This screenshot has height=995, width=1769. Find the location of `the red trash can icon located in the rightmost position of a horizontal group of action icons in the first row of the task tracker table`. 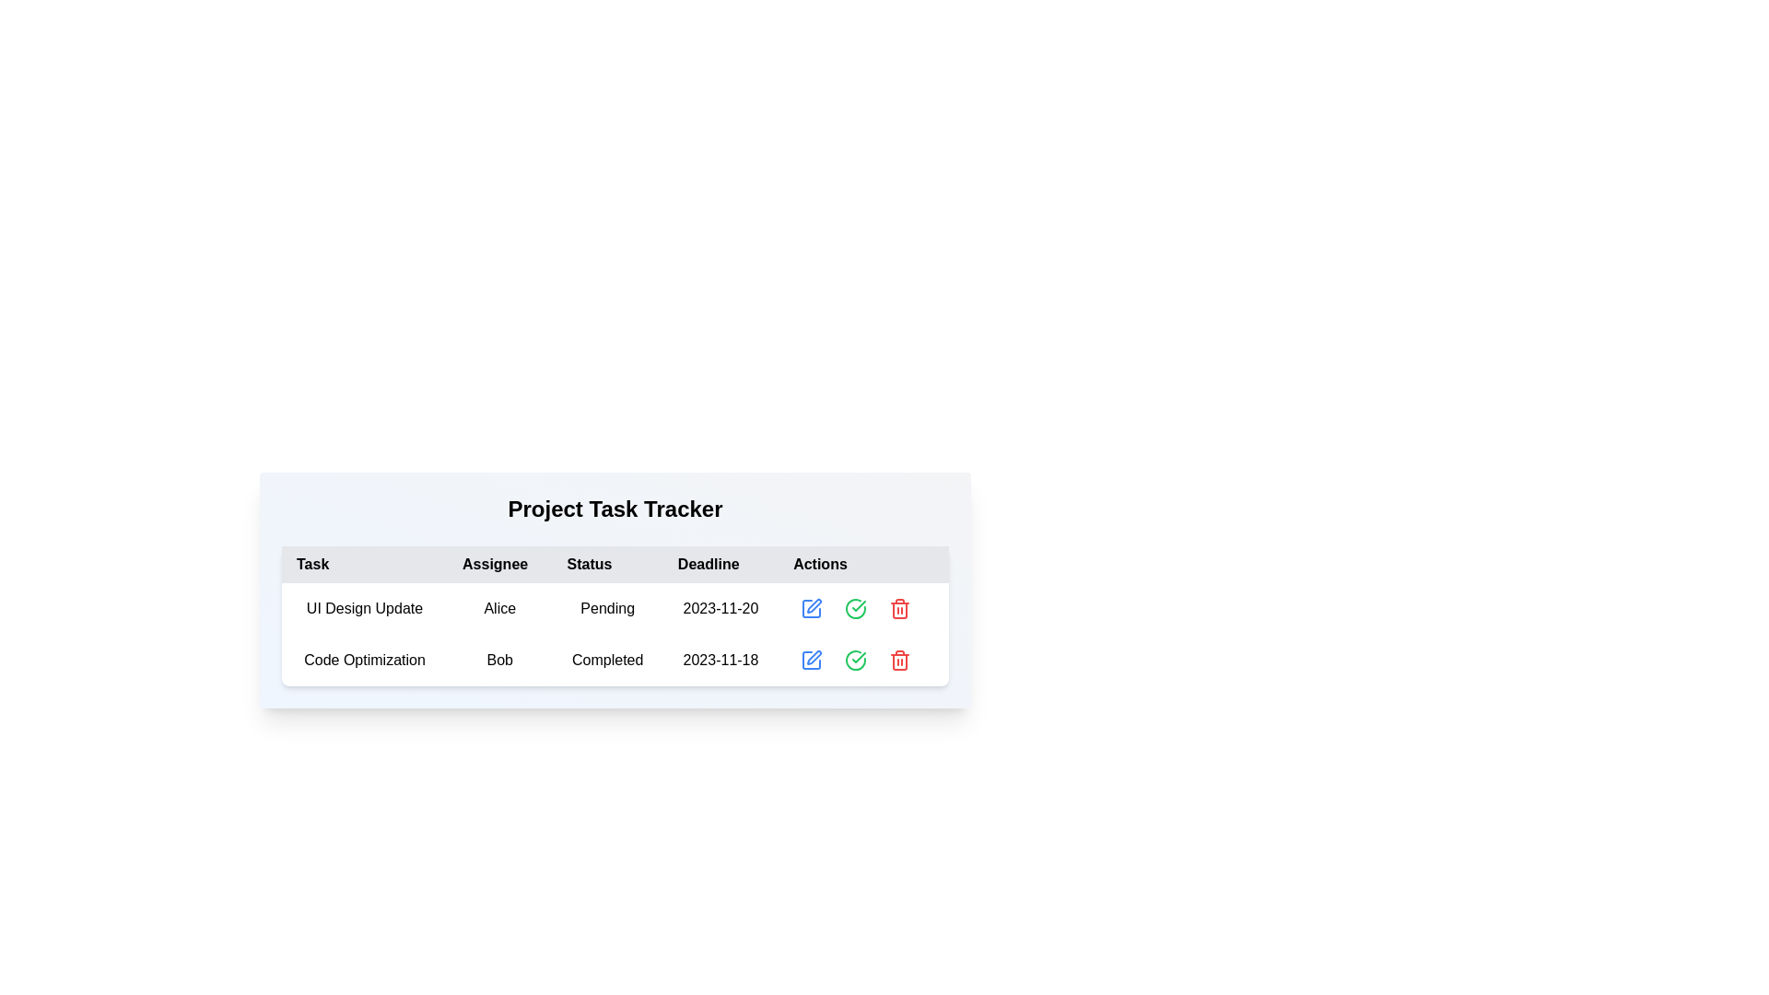

the red trash can icon located in the rightmost position of a horizontal group of action icons in the first row of the task tracker table is located at coordinates (900, 608).